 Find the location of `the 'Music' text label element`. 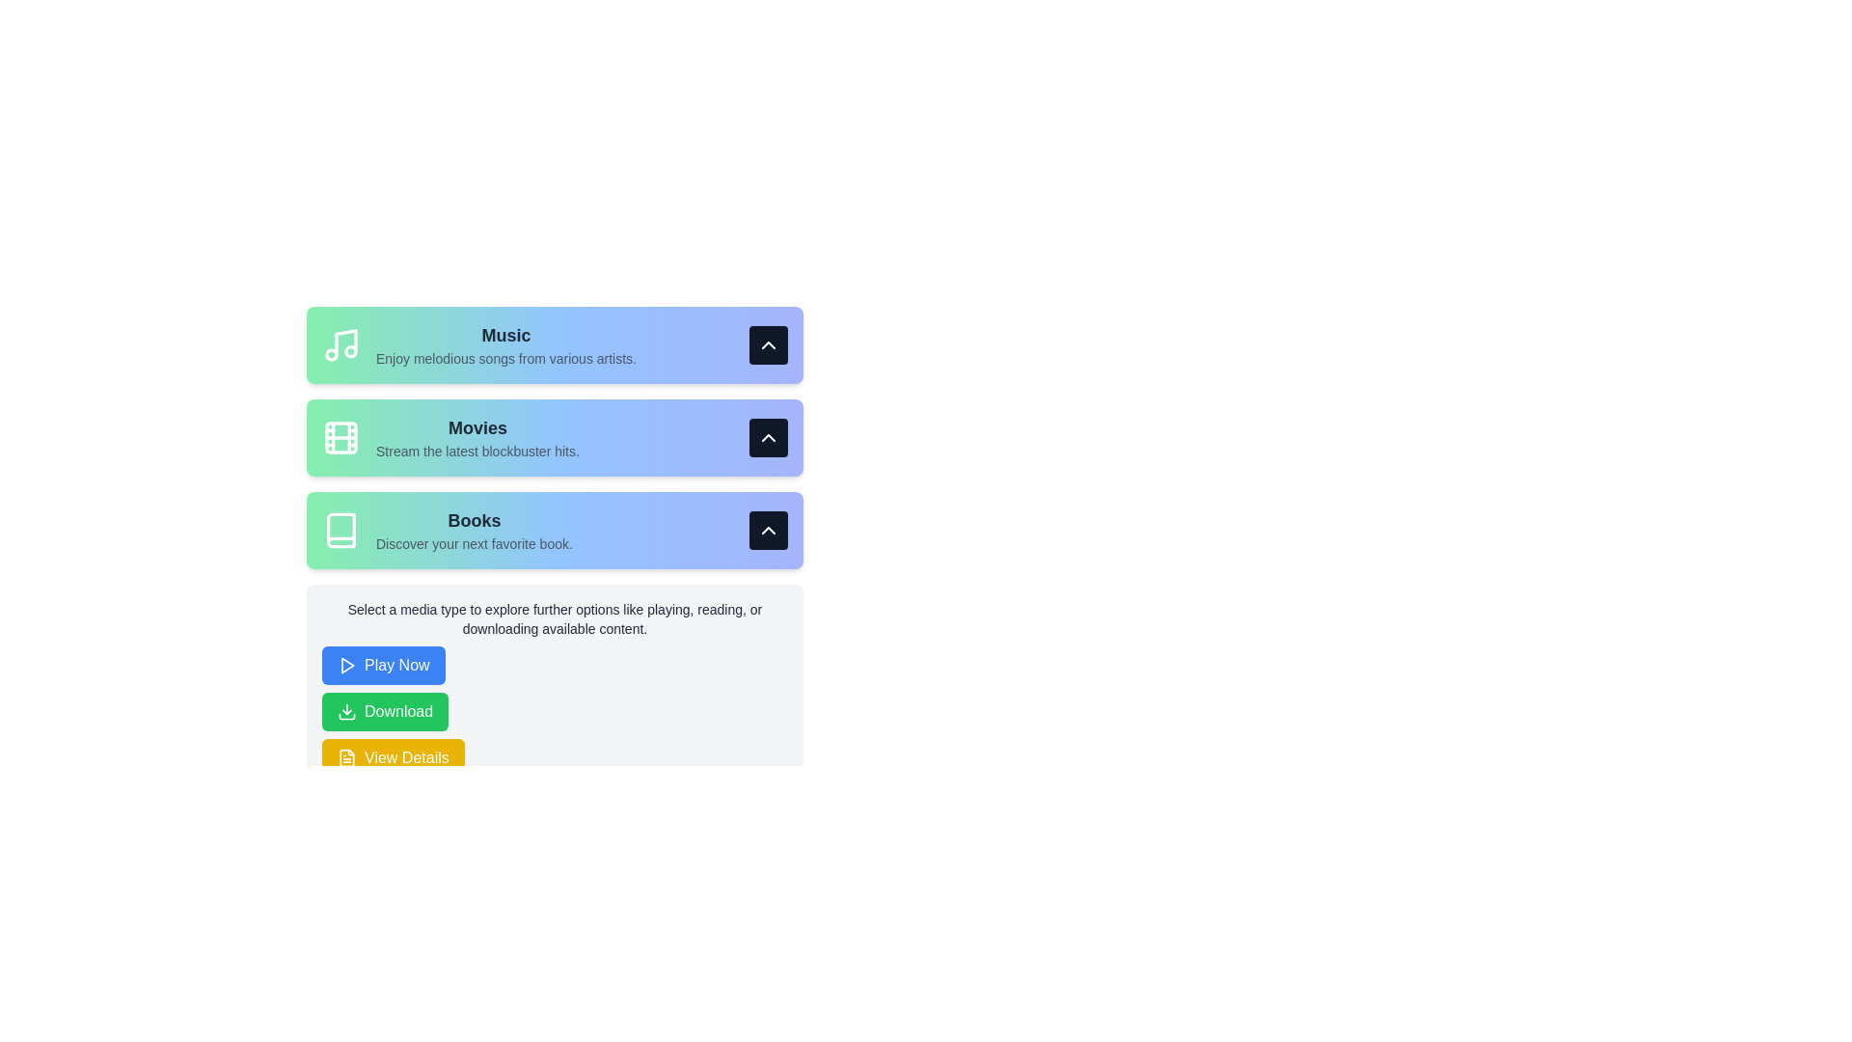

the 'Music' text label element is located at coordinates (505, 334).